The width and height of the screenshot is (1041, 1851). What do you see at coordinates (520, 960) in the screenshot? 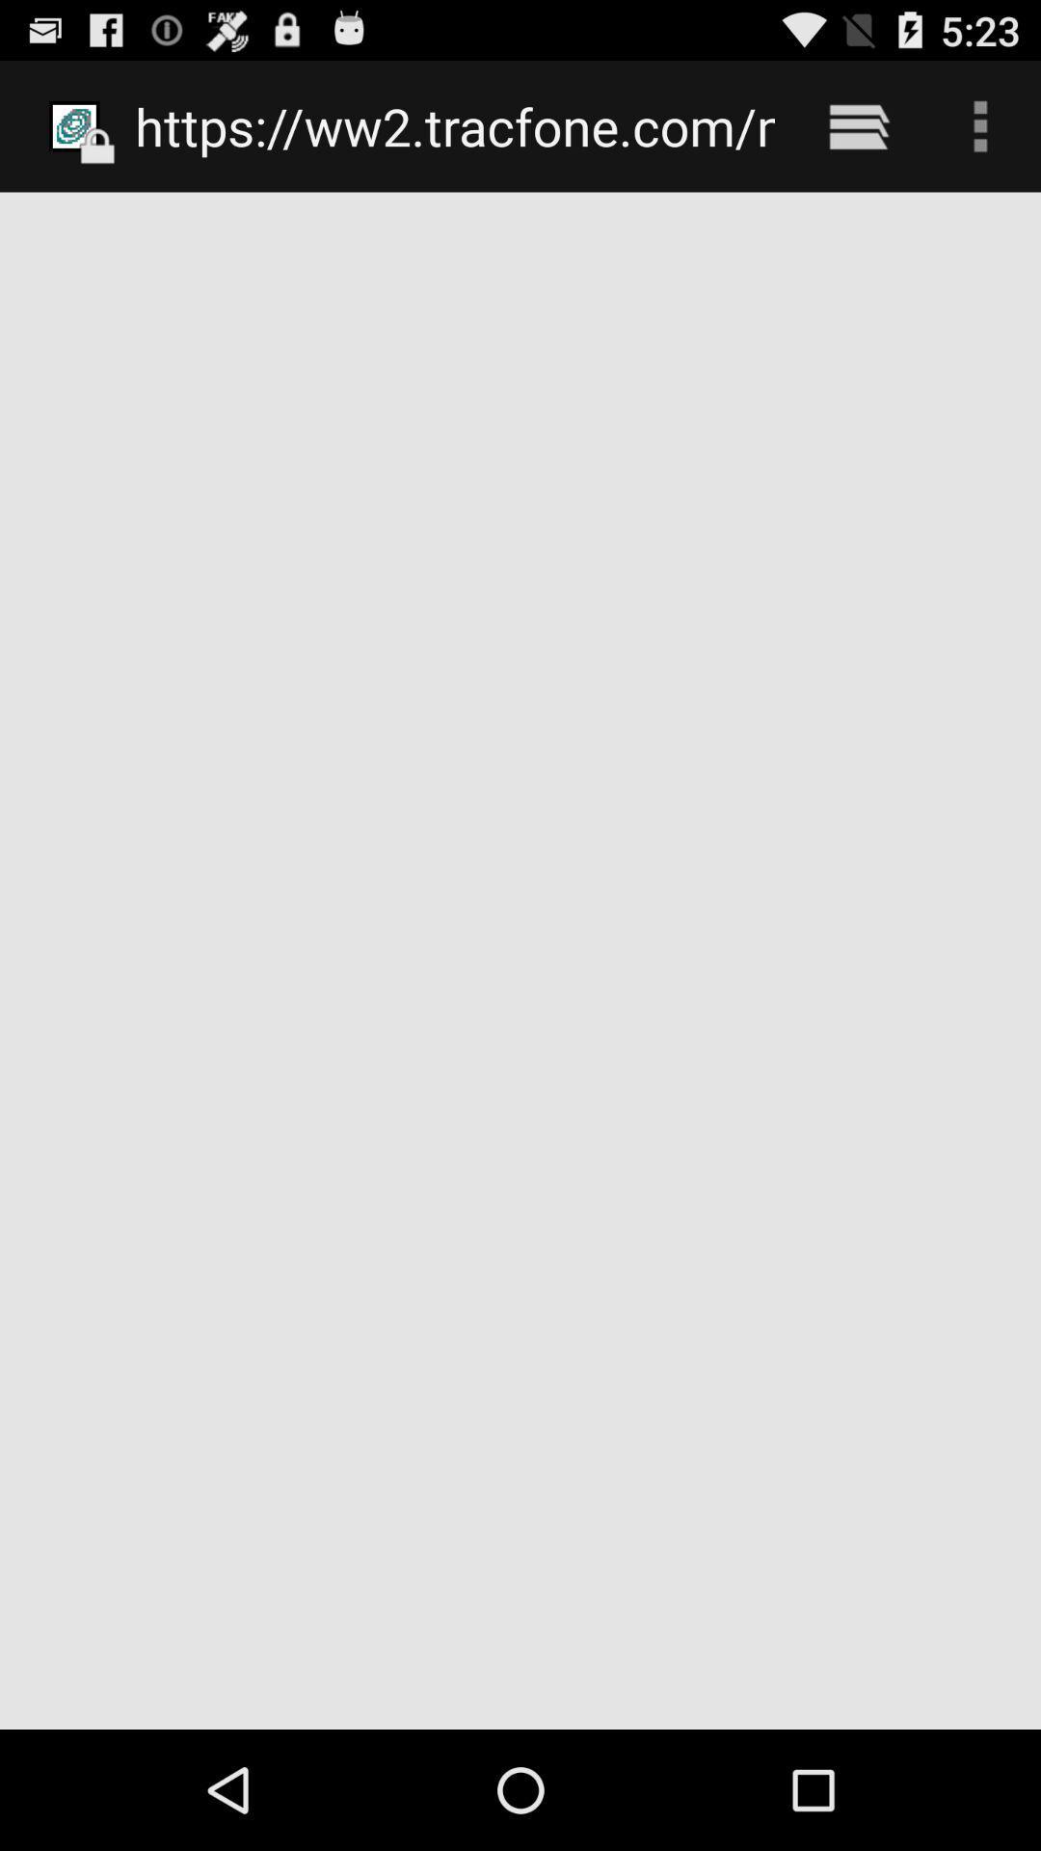
I see `item below https ww2 tracfone icon` at bounding box center [520, 960].